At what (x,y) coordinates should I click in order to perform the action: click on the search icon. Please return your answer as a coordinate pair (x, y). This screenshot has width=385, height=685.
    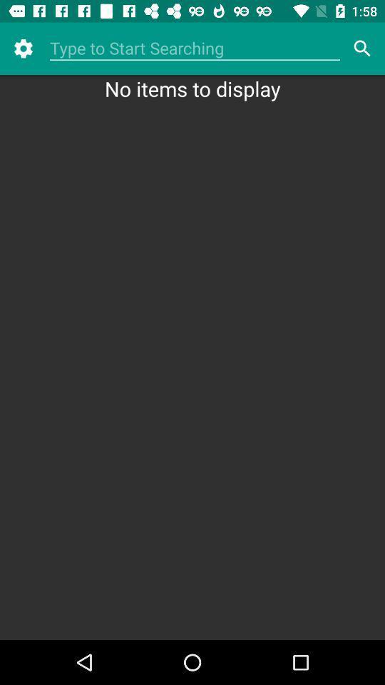
    Looking at the image, I should click on (362, 49).